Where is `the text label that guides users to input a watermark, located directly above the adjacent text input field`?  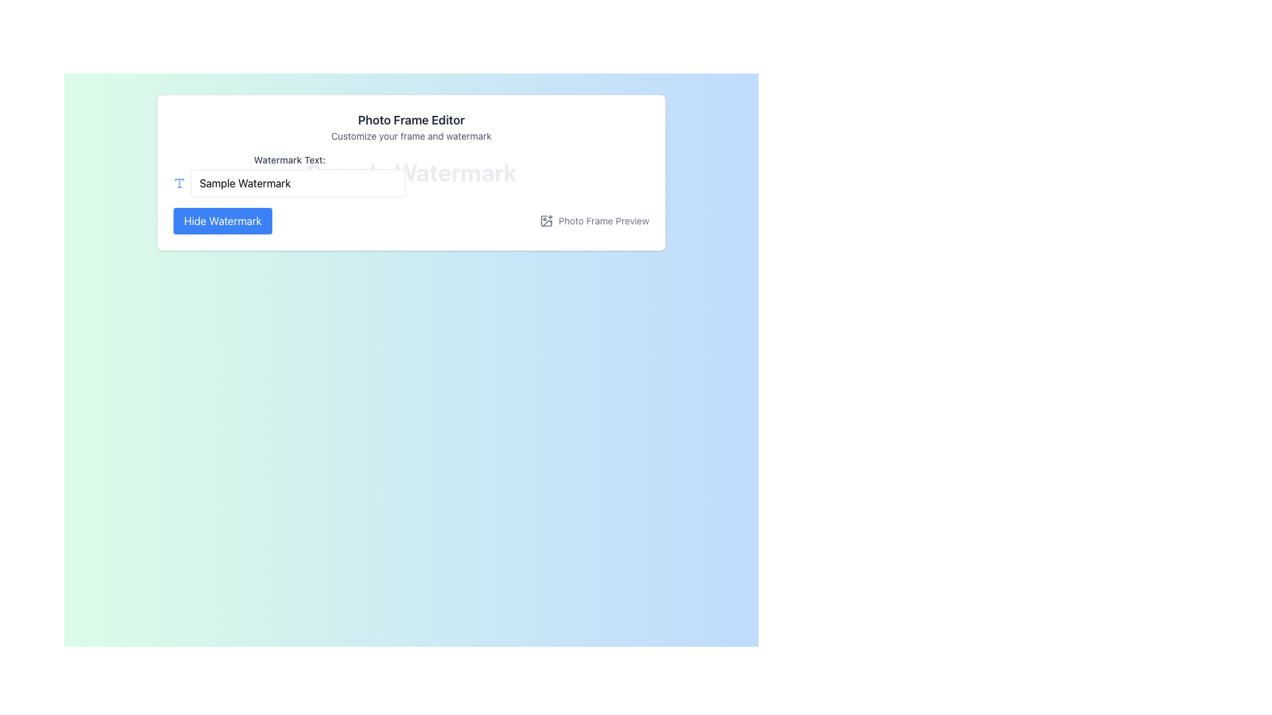
the text label that guides users to input a watermark, located directly above the adjacent text input field is located at coordinates (289, 160).